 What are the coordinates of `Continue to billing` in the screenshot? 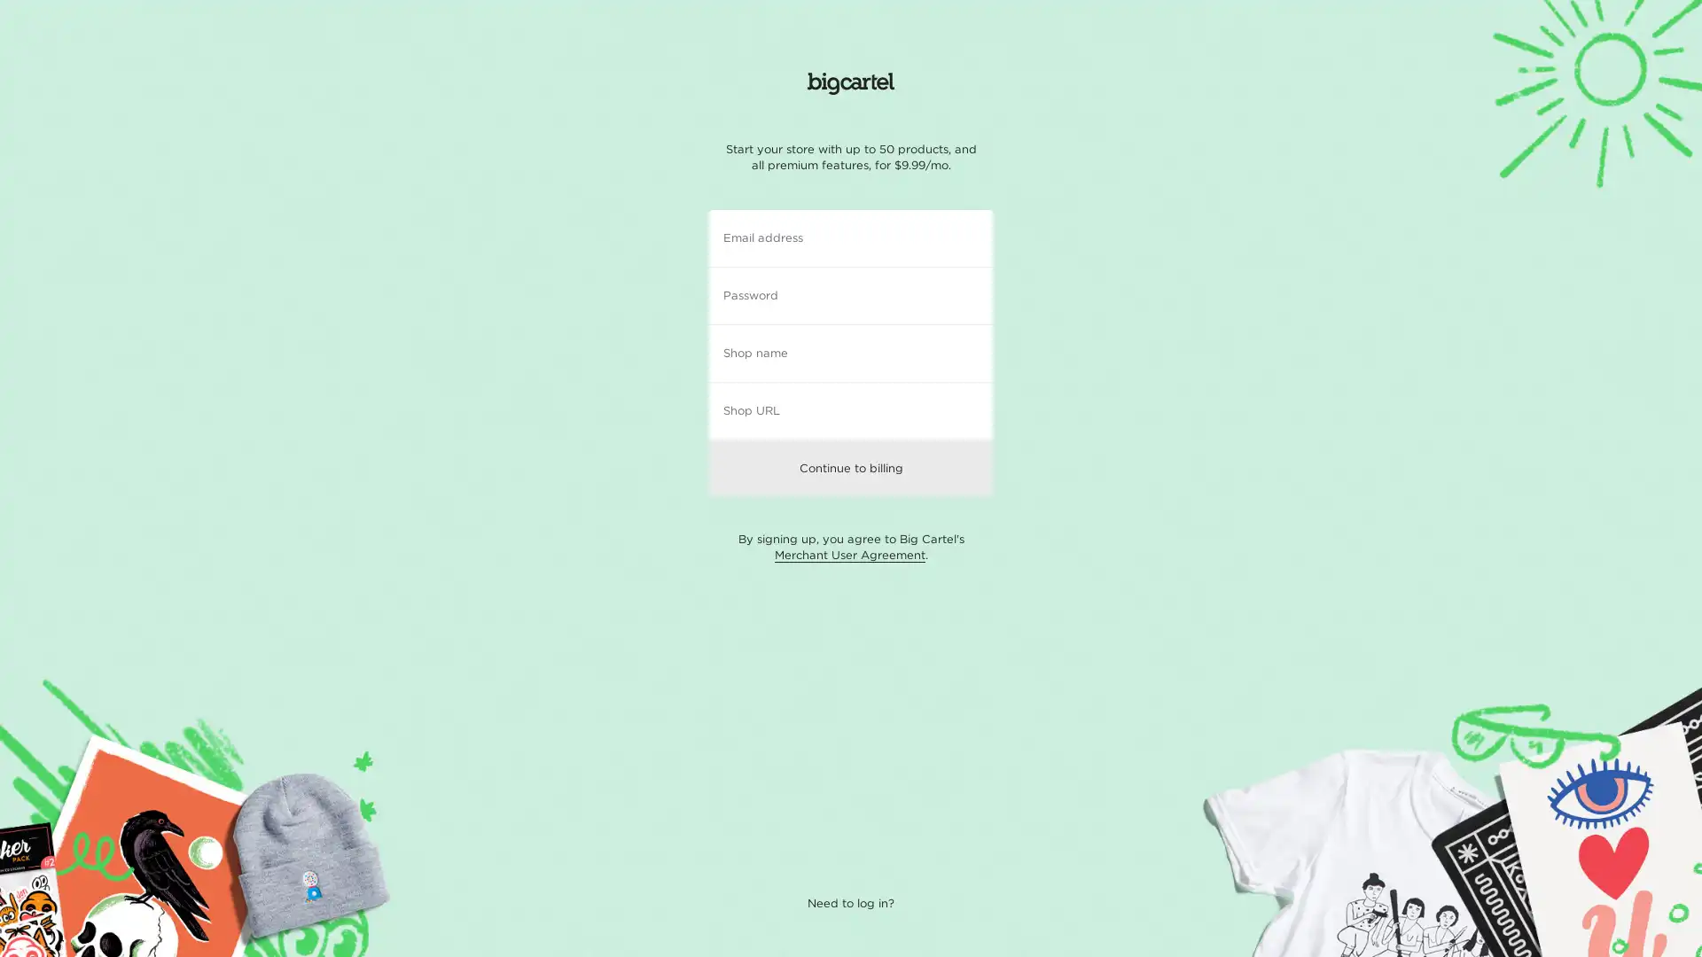 It's located at (851, 466).